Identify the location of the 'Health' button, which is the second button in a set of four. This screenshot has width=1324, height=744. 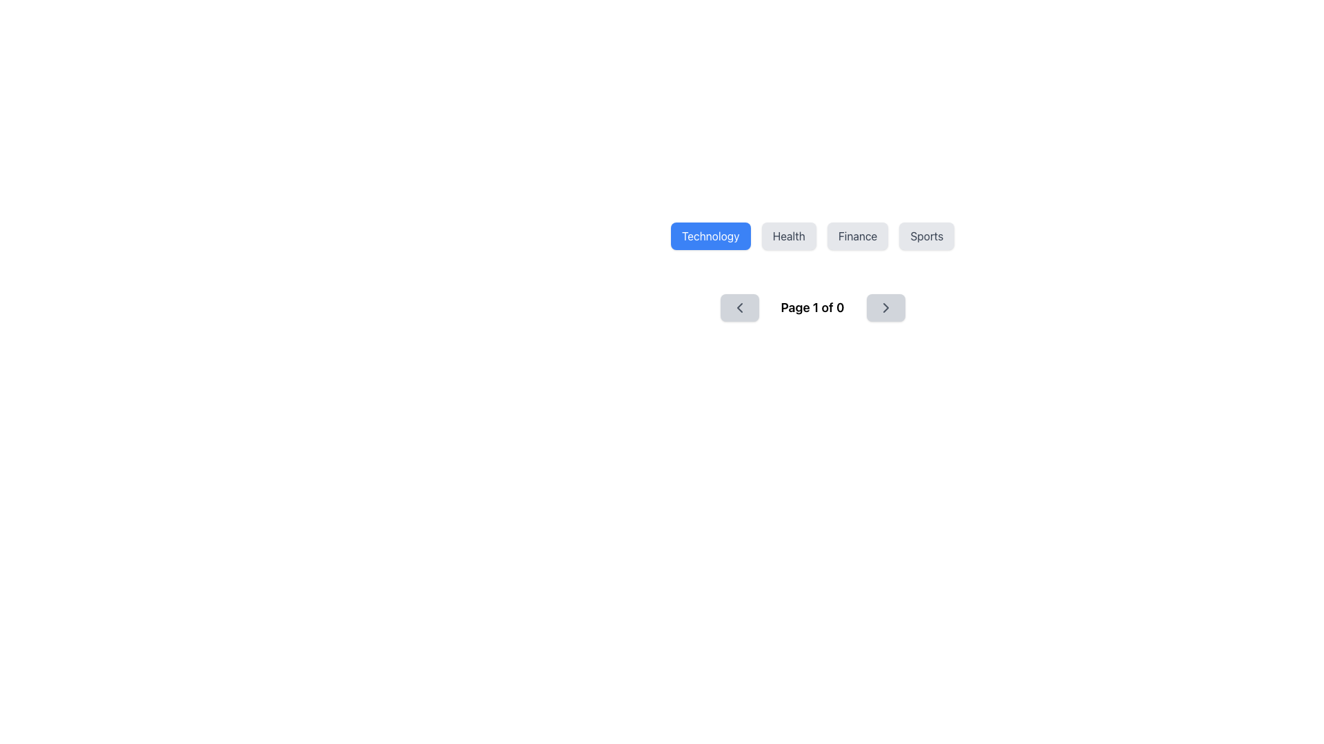
(789, 236).